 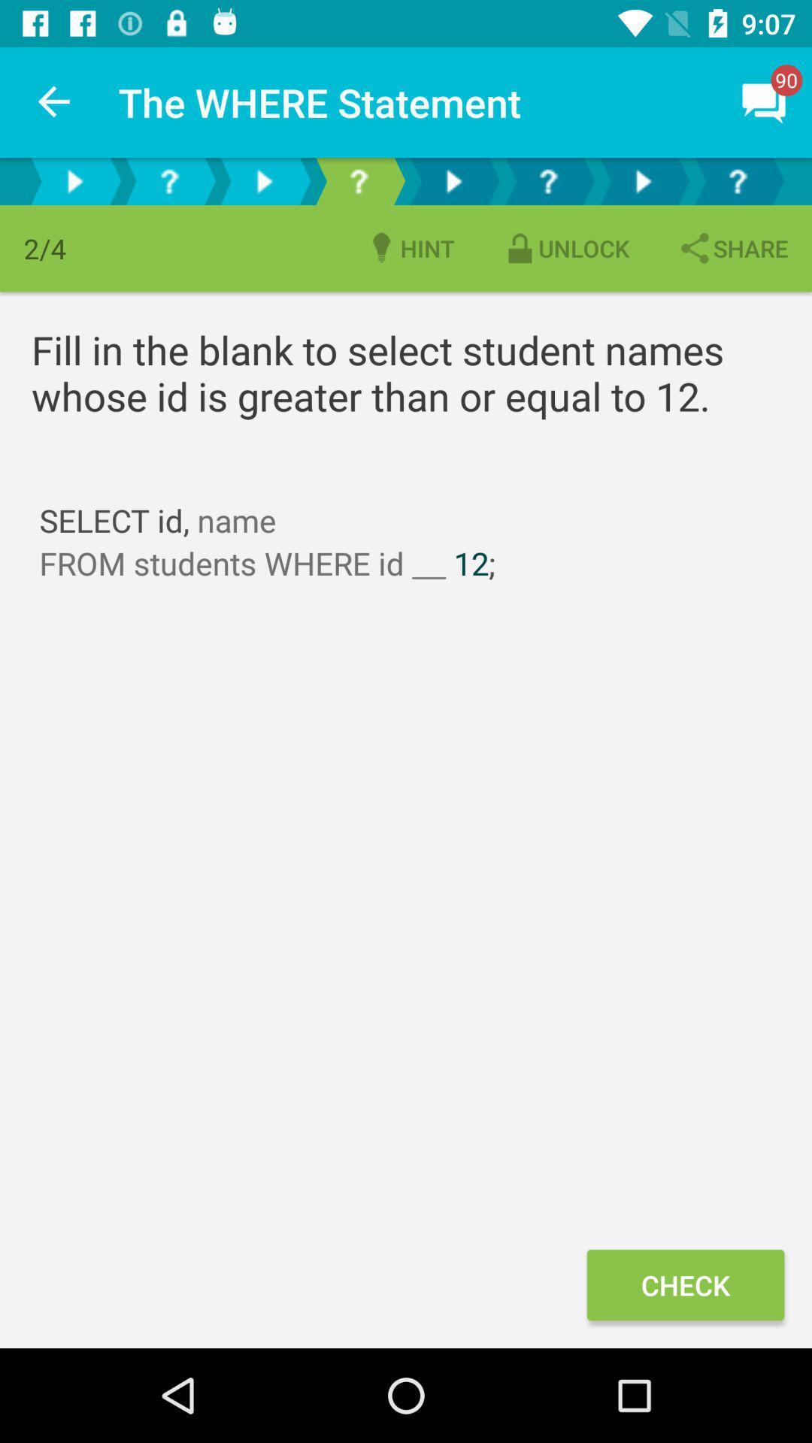 What do you see at coordinates (168, 180) in the screenshot?
I see `the help icon` at bounding box center [168, 180].